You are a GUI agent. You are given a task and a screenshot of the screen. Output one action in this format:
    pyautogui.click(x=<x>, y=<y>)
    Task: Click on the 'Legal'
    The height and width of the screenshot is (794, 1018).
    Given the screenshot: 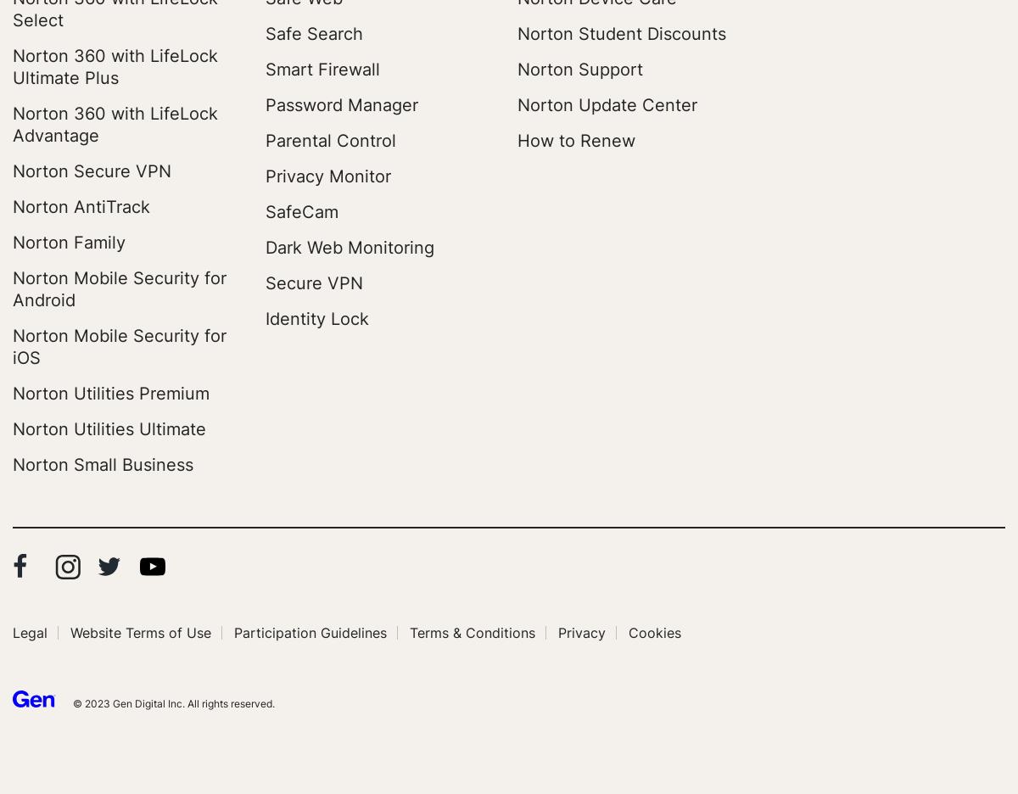 What is the action you would take?
    pyautogui.click(x=30, y=632)
    